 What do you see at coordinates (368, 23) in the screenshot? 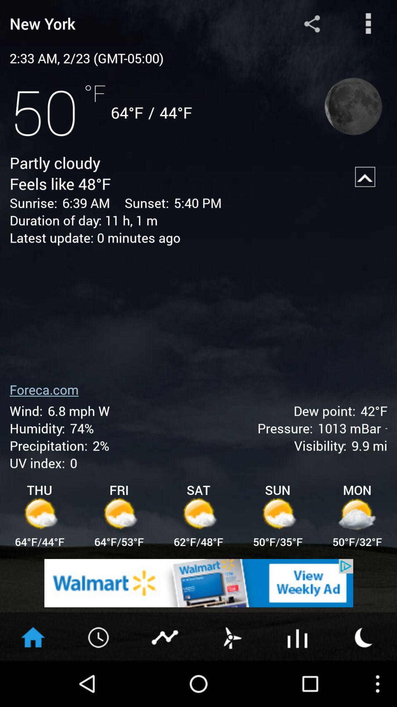
I see `menu options` at bounding box center [368, 23].